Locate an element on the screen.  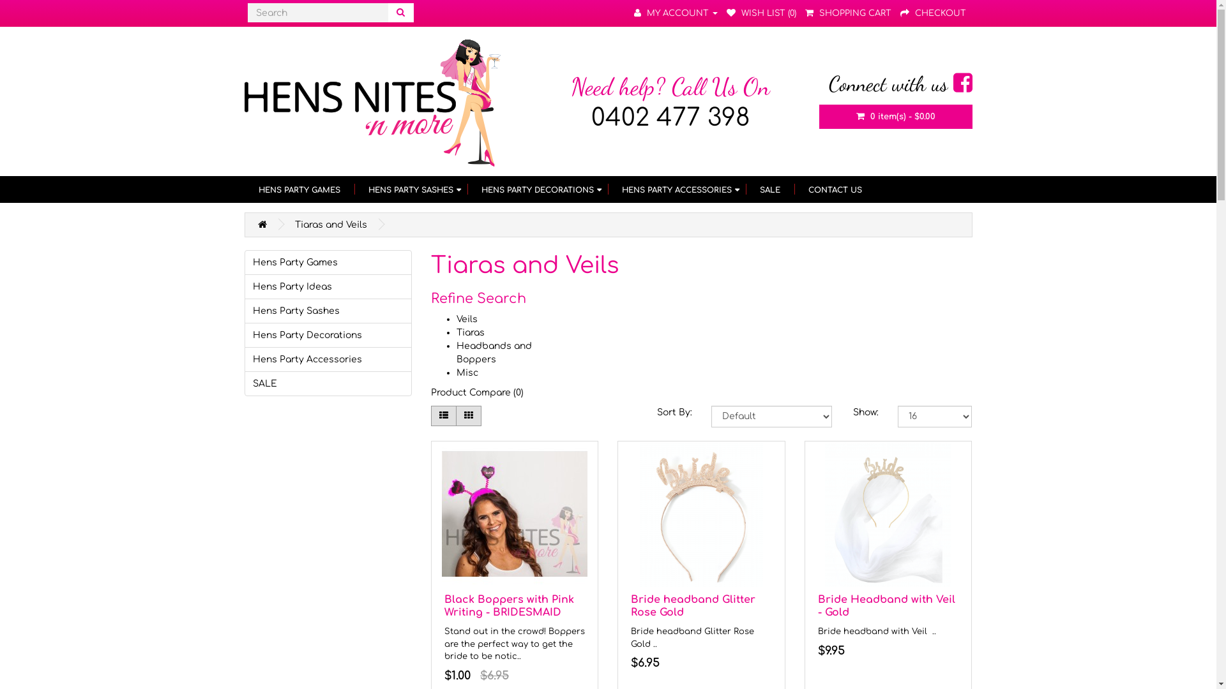
'Hens Party Sashes' is located at coordinates (328, 311).